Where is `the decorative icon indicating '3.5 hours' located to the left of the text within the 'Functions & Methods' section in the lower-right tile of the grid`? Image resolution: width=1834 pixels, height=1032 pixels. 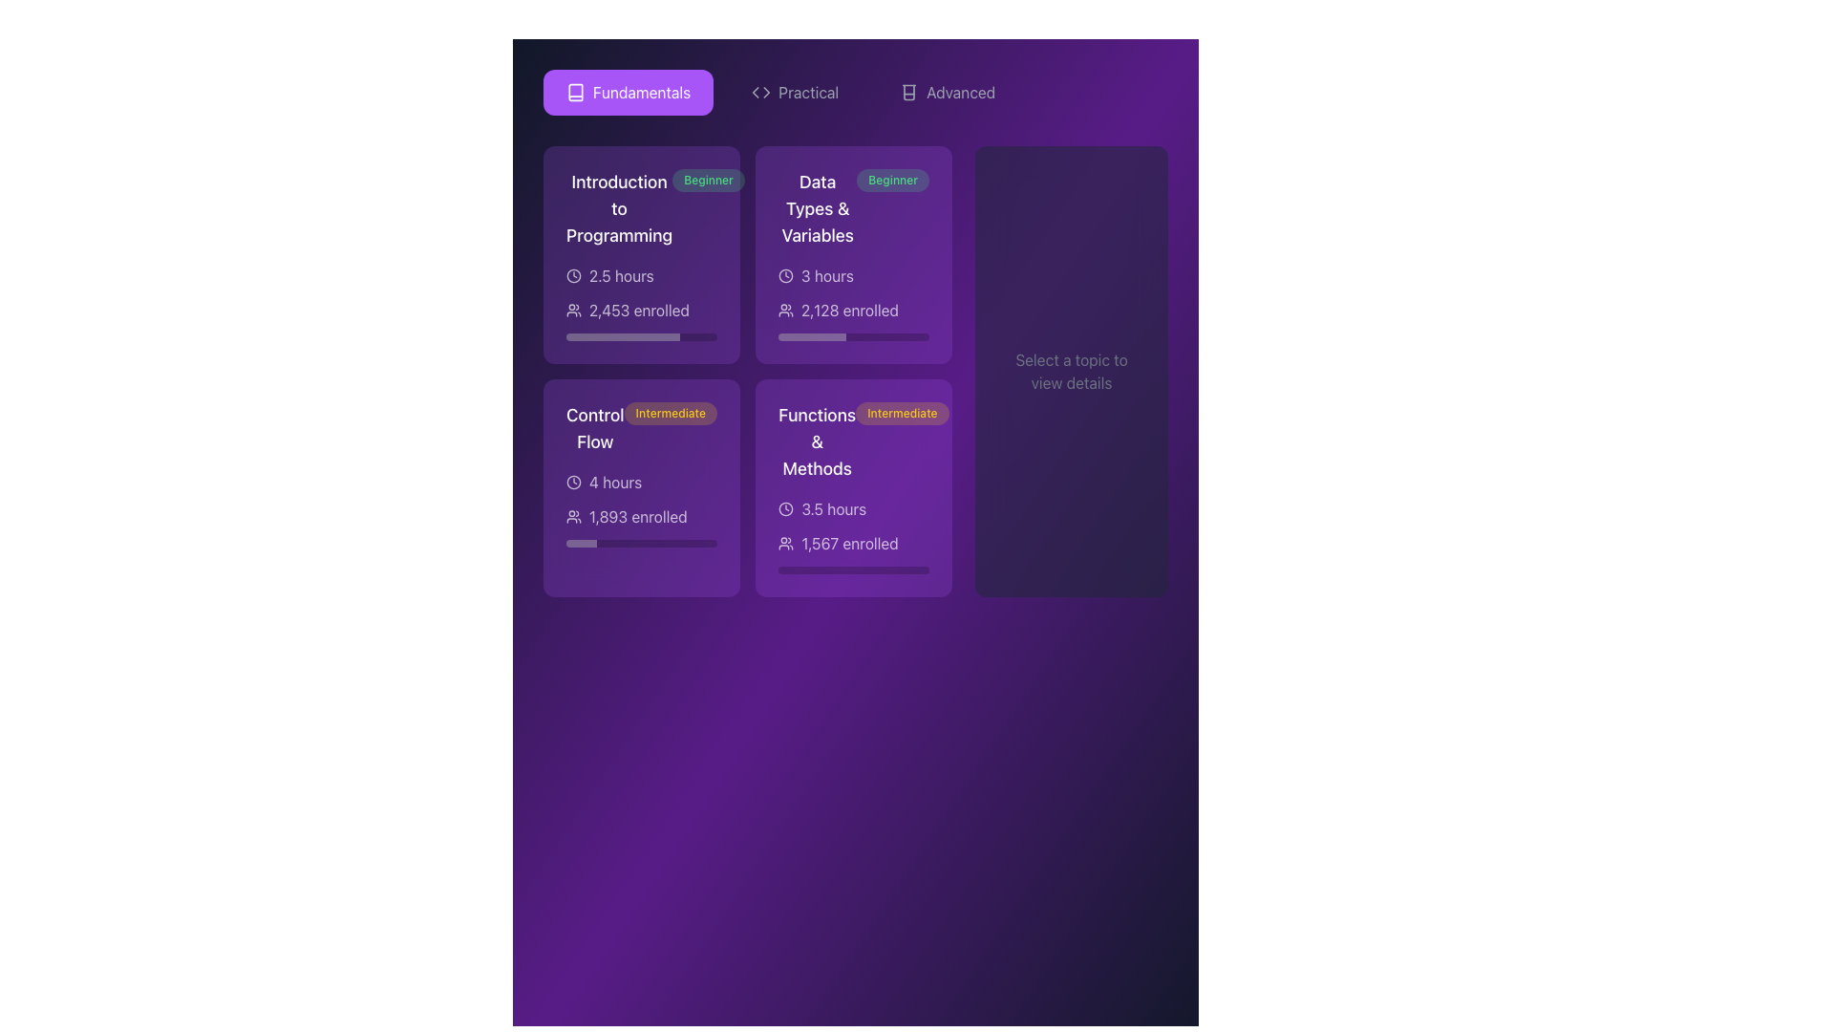 the decorative icon indicating '3.5 hours' located to the left of the text within the 'Functions & Methods' section in the lower-right tile of the grid is located at coordinates (785, 507).